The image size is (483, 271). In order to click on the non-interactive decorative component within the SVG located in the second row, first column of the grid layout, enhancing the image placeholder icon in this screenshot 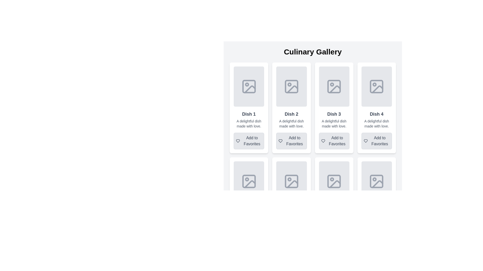, I will do `click(249, 181)`.